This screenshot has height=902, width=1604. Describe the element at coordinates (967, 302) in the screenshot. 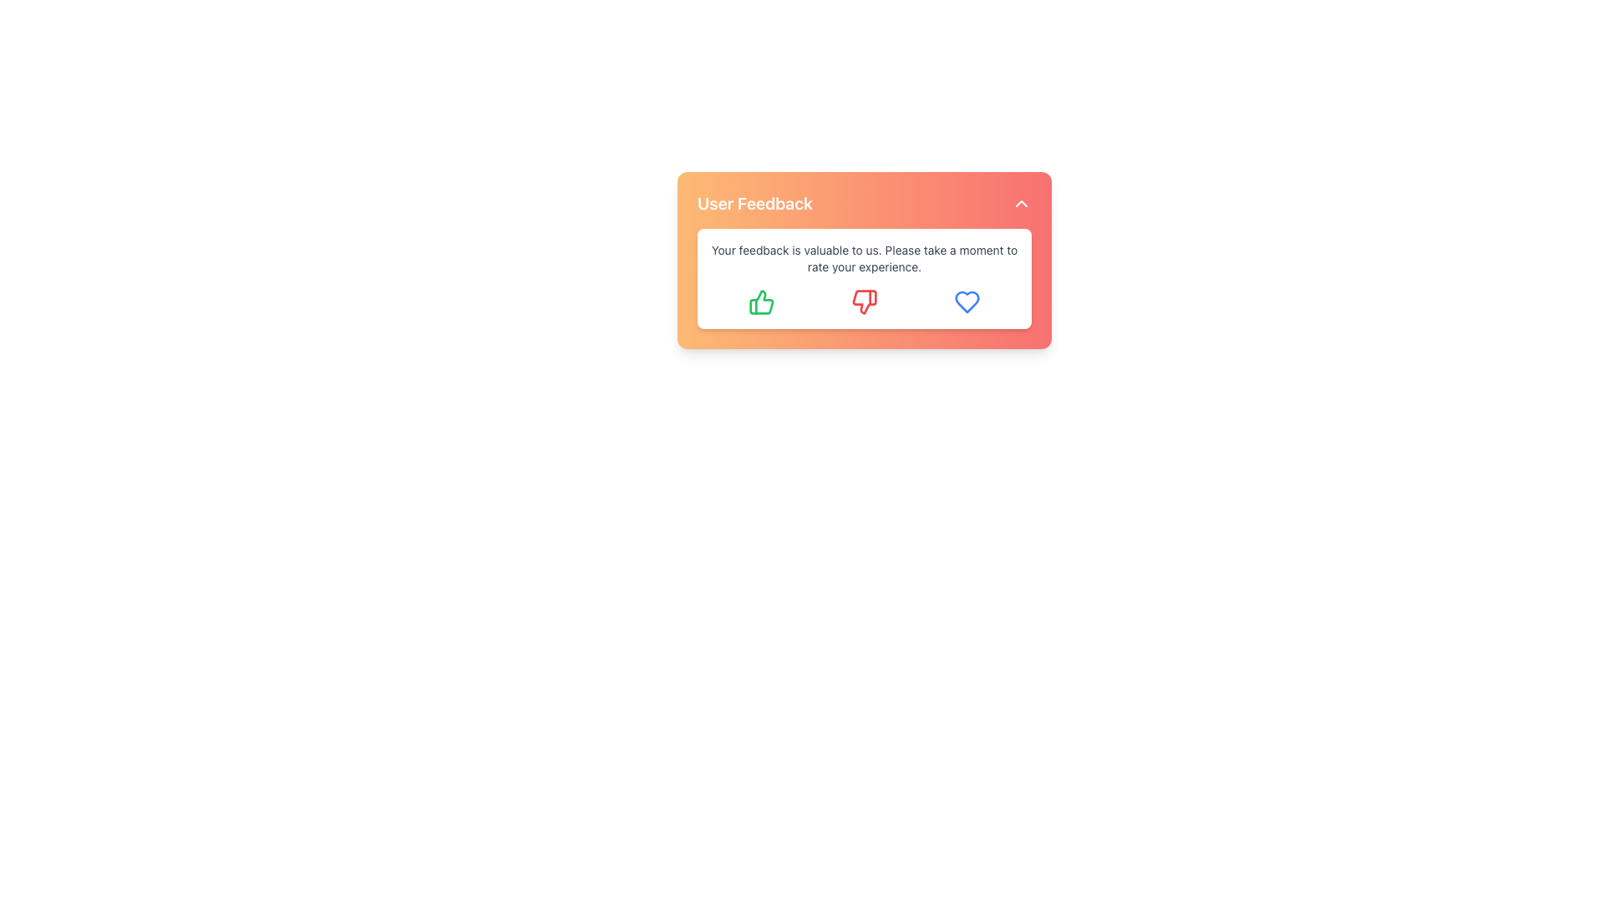

I see `the heart icon located at the bottom of the feedback card to express a positive sentiment towards the service or product` at that location.